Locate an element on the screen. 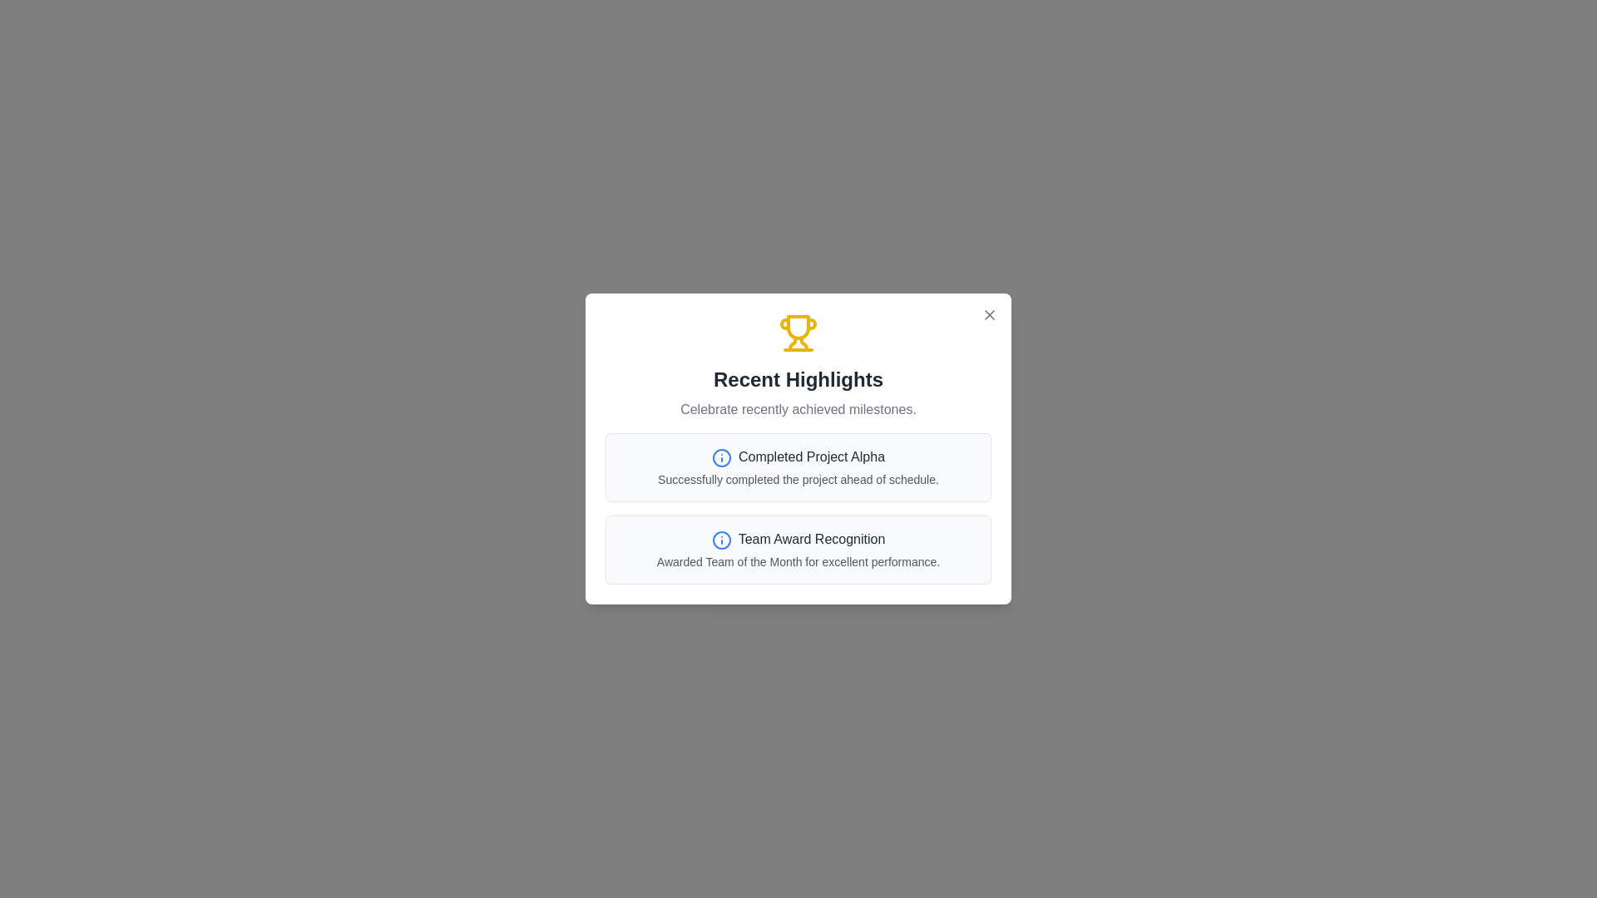  text content of the label displaying 'Awarded Team of the Month for excellent performance.' located beneath the 'Team Award Recognition' heading is located at coordinates (798, 561).